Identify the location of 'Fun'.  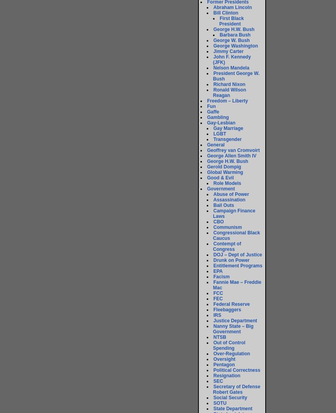
(211, 106).